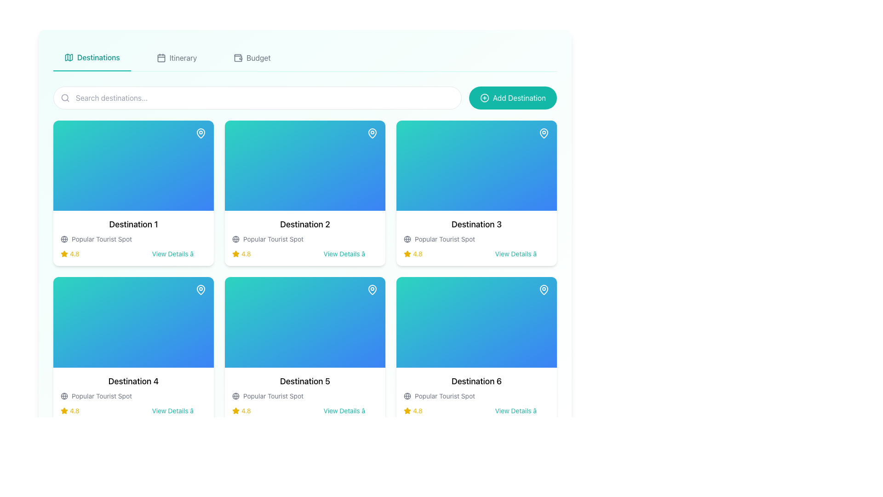 The width and height of the screenshot is (883, 497). I want to click on the 'View Details â†’' link styled in teal color located at the bottom right corner of the card for 'Destination 5', so click(350, 410).